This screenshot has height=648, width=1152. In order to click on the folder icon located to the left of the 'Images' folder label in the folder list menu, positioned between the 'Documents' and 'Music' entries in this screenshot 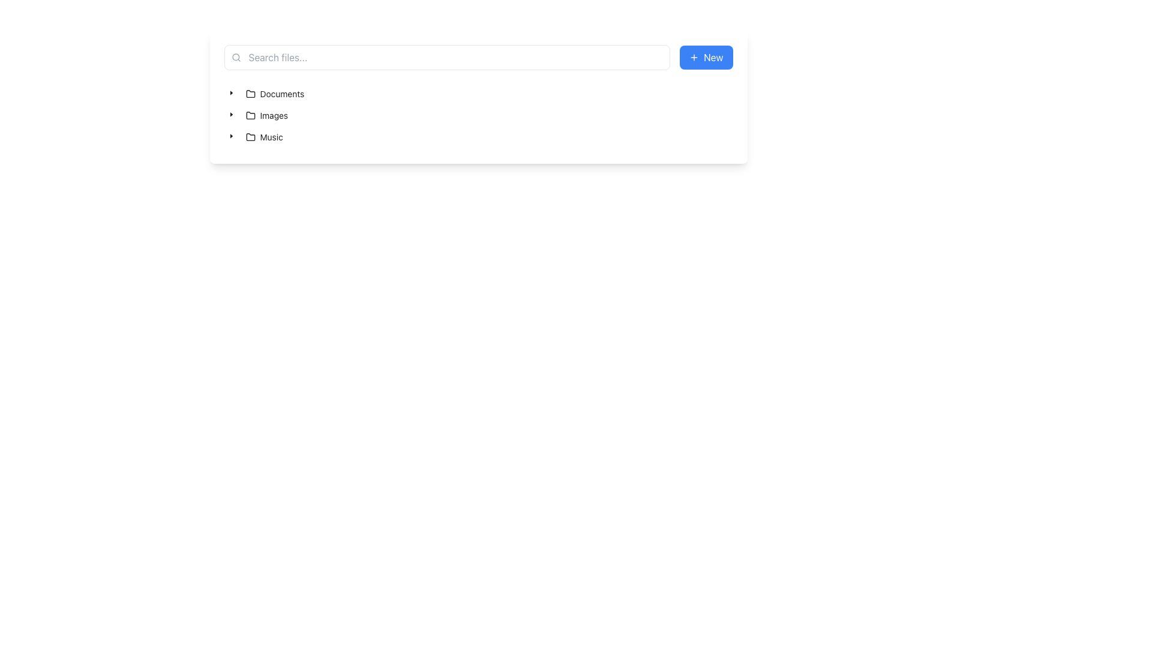, I will do `click(250, 115)`.